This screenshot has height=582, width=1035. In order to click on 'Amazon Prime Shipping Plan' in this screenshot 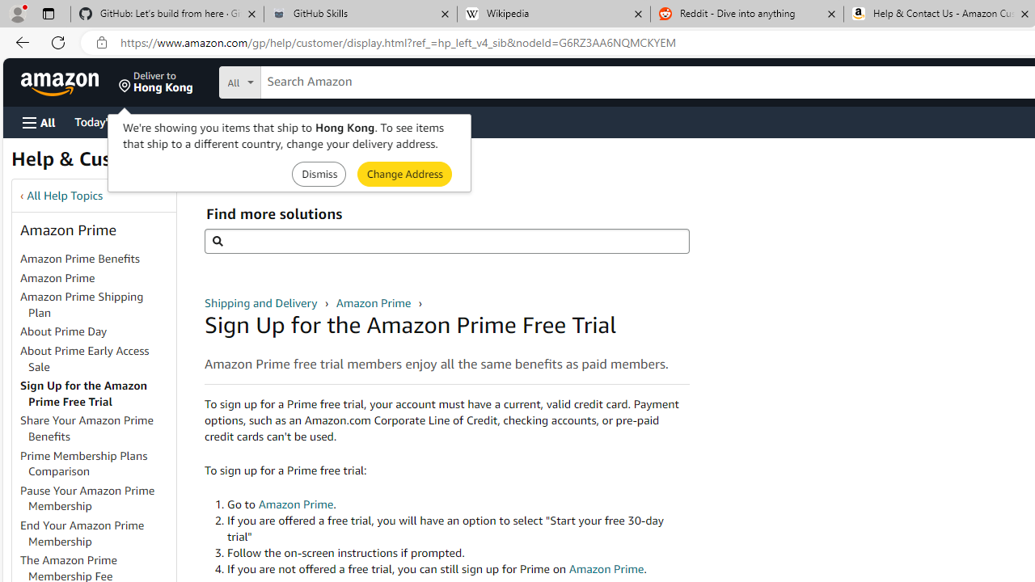, I will do `click(96, 306)`.